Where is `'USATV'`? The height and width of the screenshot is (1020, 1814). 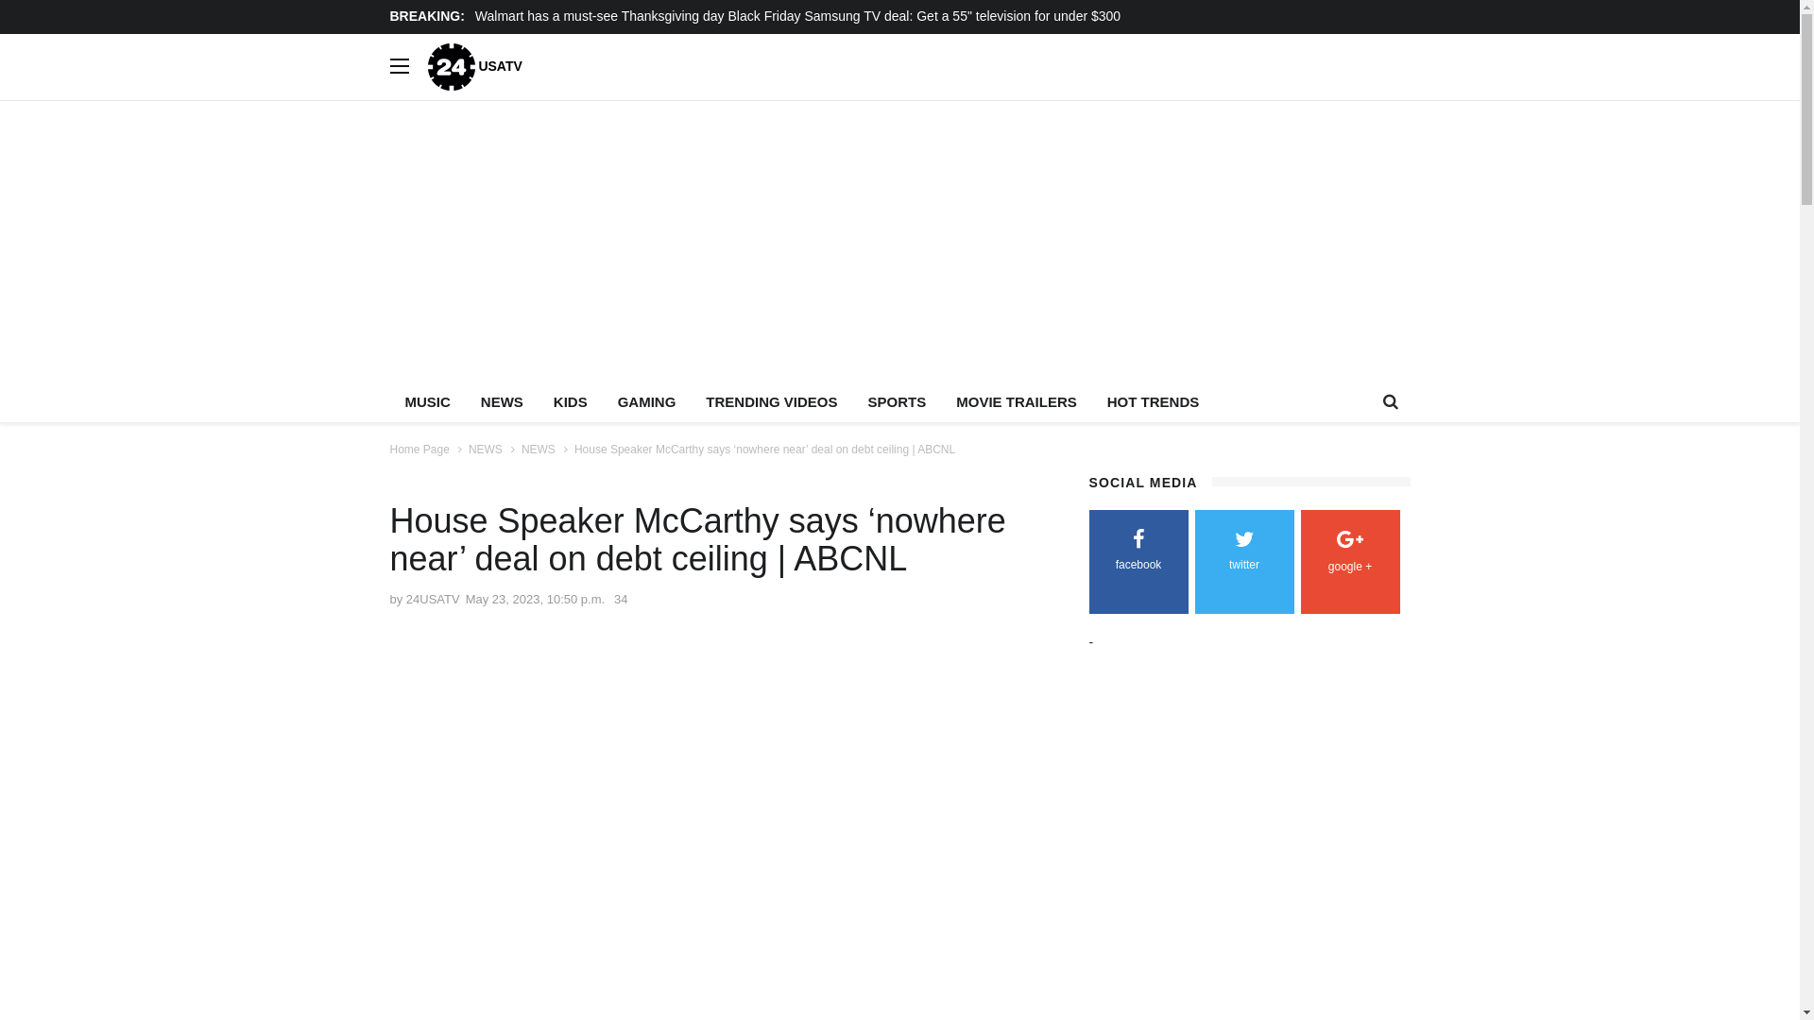
'USATV' is located at coordinates (474, 64).